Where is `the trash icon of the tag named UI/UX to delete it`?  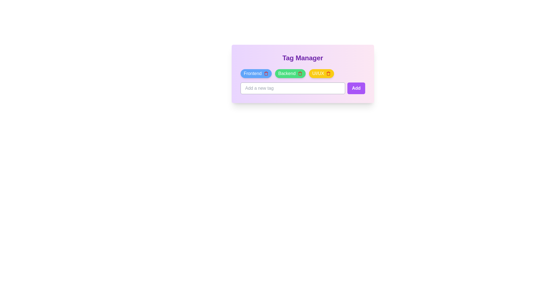
the trash icon of the tag named UI/UX to delete it is located at coordinates (328, 73).